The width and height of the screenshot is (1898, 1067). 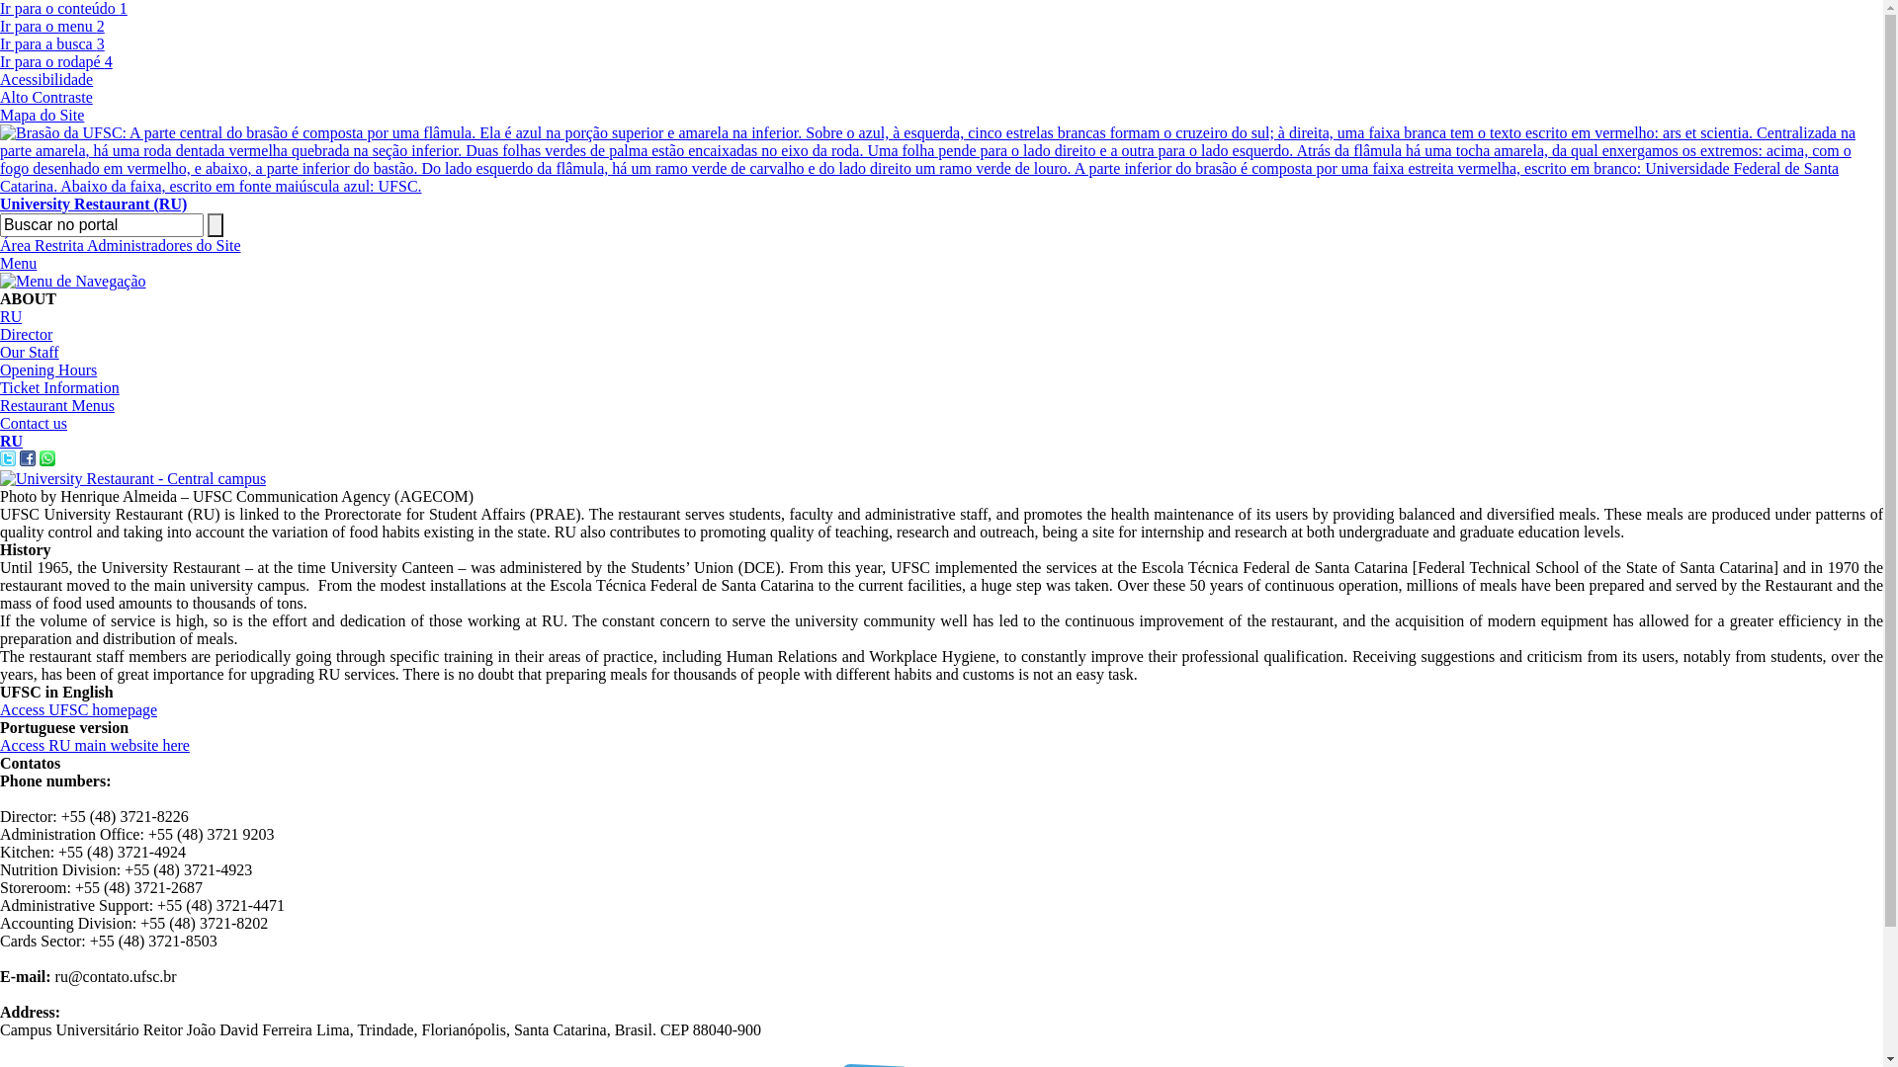 I want to click on 'Ir para o menu 2', so click(x=51, y=26).